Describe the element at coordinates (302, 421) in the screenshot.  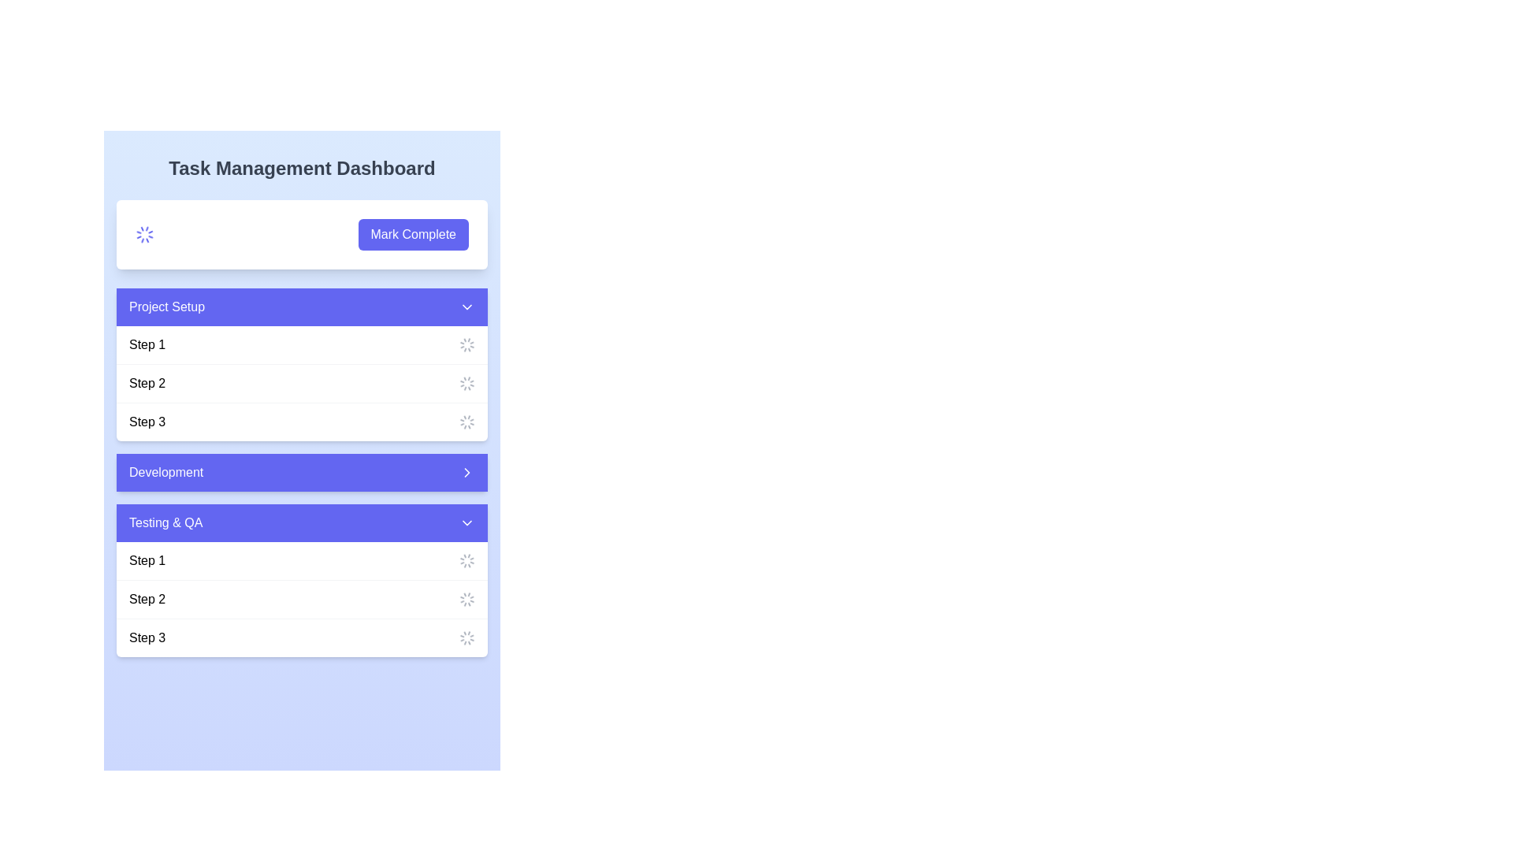
I see `the third item in the 'Project Setup' section of the task list` at that location.